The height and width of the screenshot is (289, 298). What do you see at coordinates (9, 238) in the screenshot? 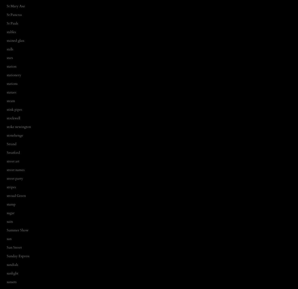
I see `'sun'` at bounding box center [9, 238].